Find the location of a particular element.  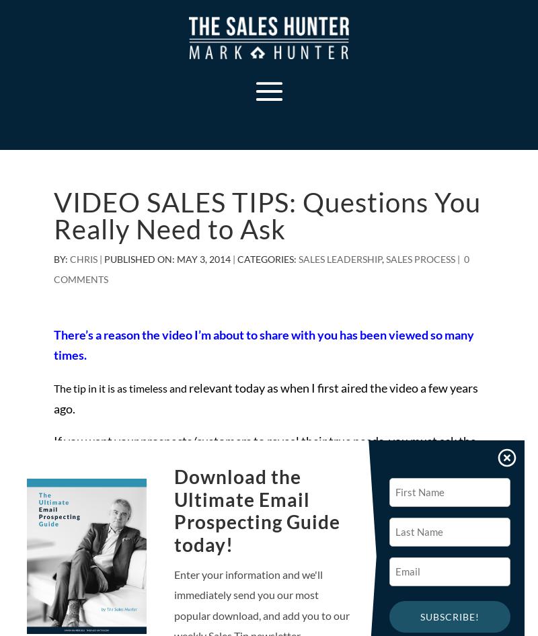

'Published on:  May 3, 2014' is located at coordinates (167, 258).